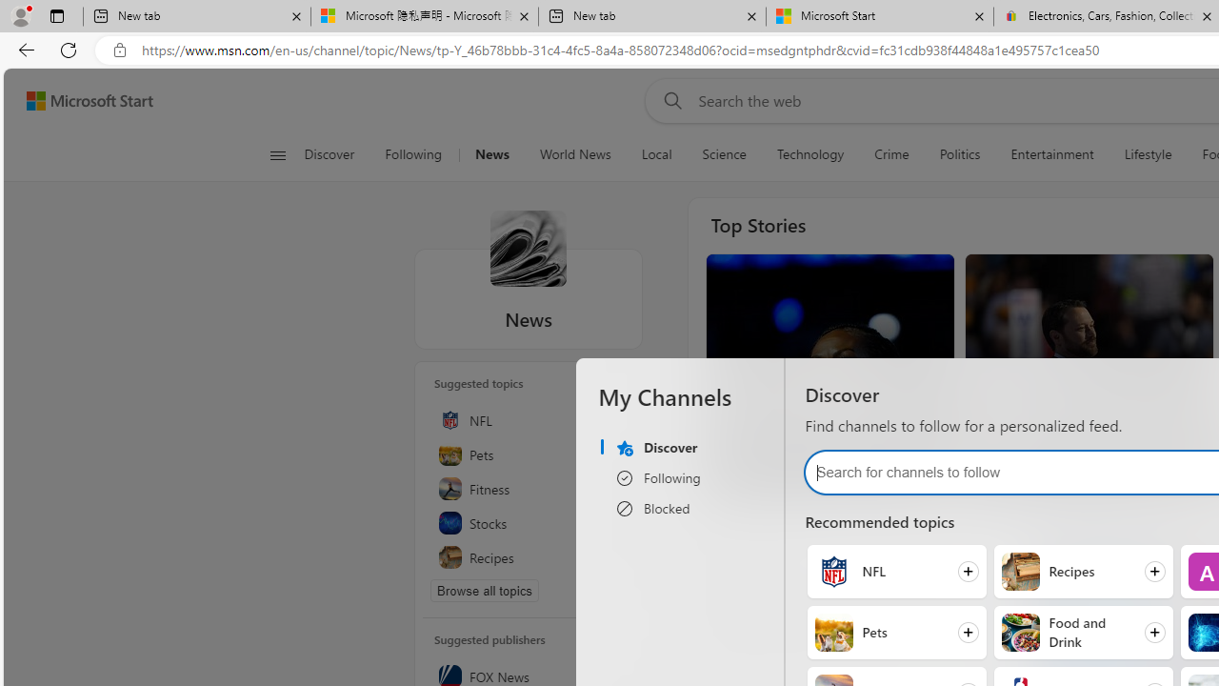 Image resolution: width=1219 pixels, height=686 pixels. Describe the element at coordinates (833, 571) in the screenshot. I see `'NFL'` at that location.